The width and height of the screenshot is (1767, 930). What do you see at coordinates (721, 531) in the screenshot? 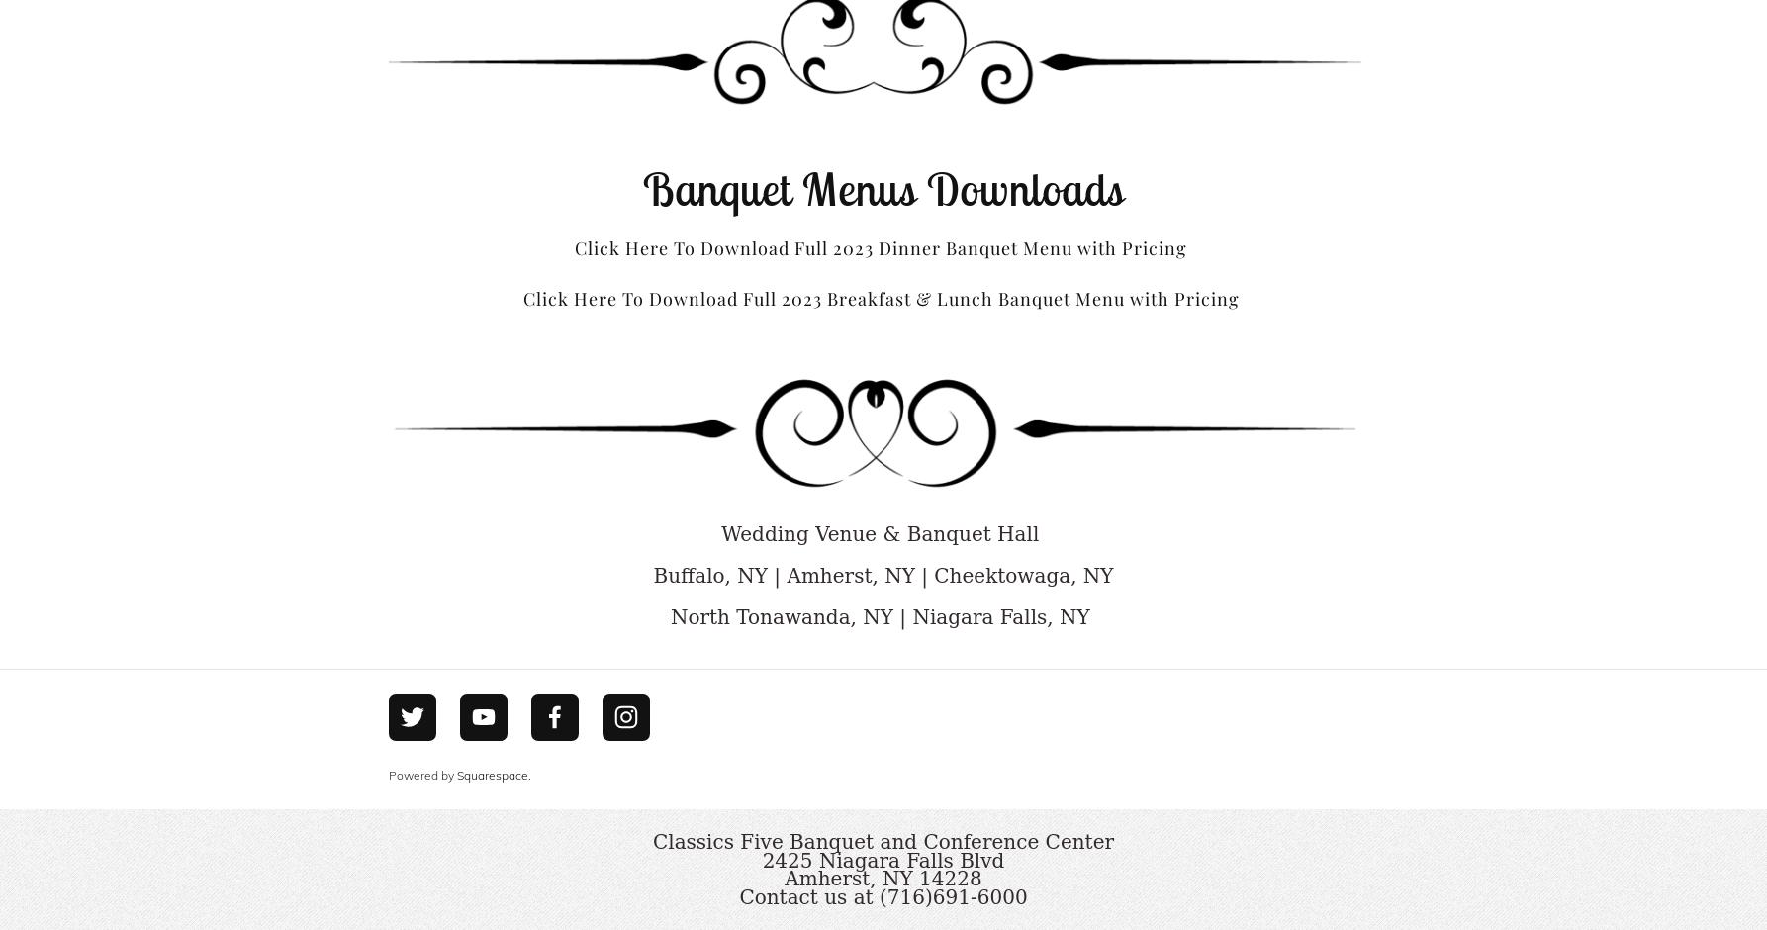
I see `'Wedding Venue & Banquet Hall'` at bounding box center [721, 531].